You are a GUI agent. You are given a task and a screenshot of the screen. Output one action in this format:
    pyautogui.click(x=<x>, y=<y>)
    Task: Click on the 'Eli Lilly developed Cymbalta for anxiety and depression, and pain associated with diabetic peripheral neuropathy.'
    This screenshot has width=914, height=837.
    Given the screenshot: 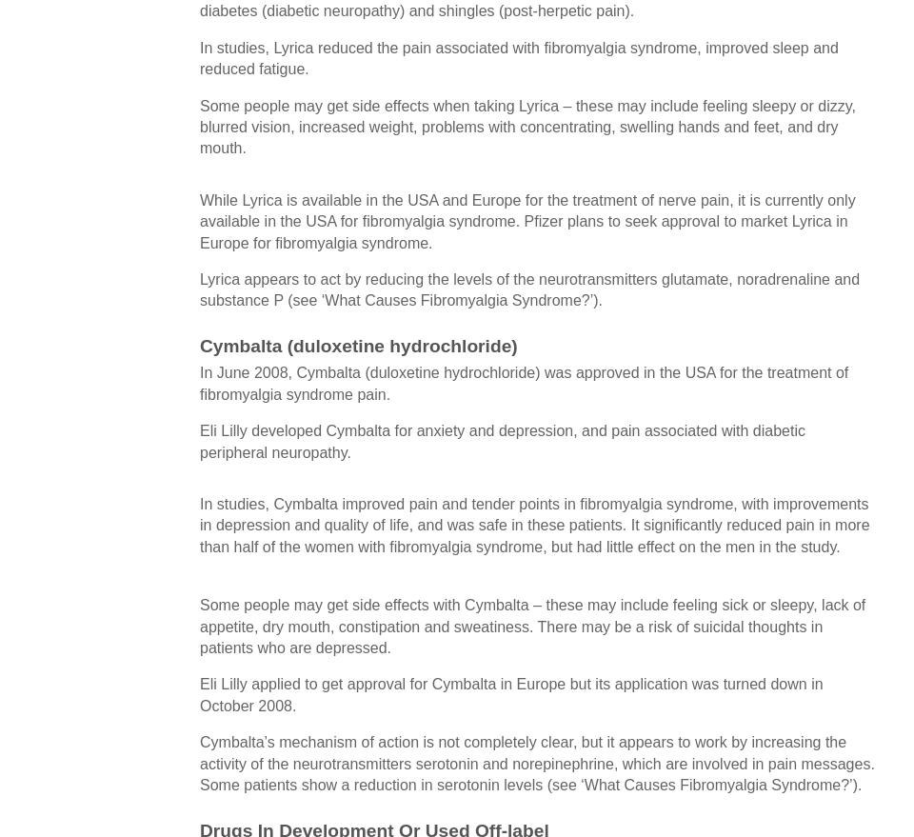 What is the action you would take?
    pyautogui.click(x=501, y=441)
    